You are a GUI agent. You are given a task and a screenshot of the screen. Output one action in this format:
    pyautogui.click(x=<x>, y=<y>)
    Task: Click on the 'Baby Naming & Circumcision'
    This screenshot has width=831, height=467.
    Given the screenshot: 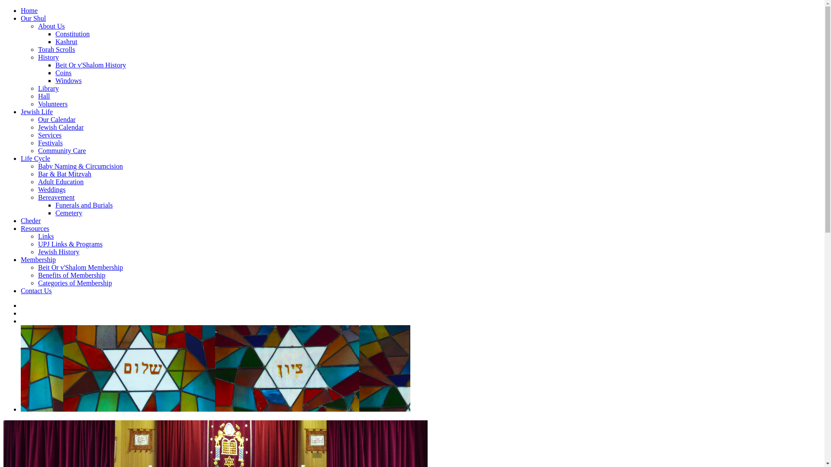 What is the action you would take?
    pyautogui.click(x=81, y=166)
    